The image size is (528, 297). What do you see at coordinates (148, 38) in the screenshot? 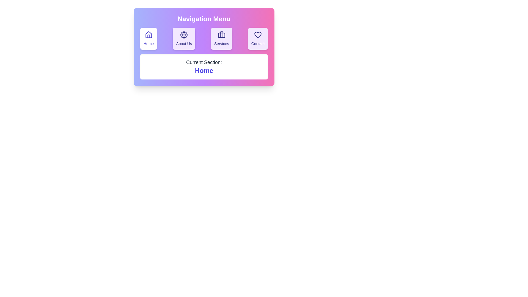
I see `the Home section by clicking the corresponding navigation button` at bounding box center [148, 38].